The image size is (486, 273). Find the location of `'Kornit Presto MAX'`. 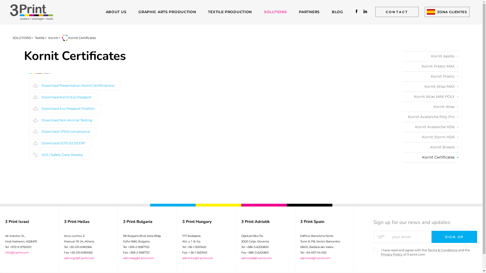

'Kornit Presto MAX' is located at coordinates (430, 66).